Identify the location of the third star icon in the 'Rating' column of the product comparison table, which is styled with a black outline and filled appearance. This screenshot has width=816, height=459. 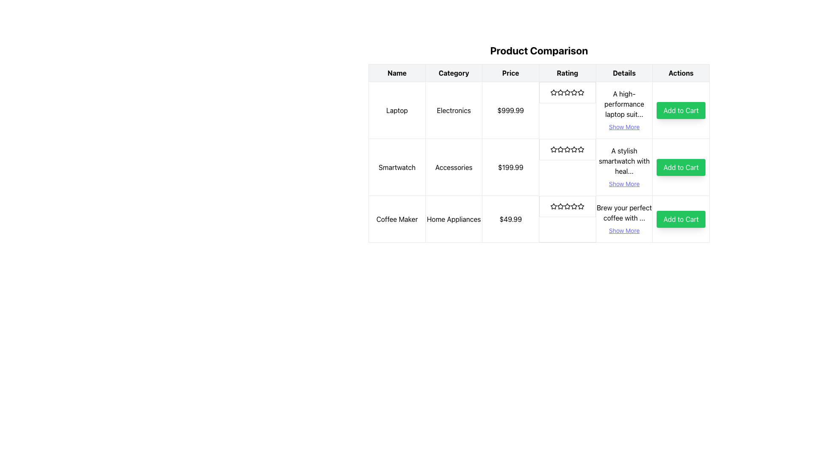
(561, 93).